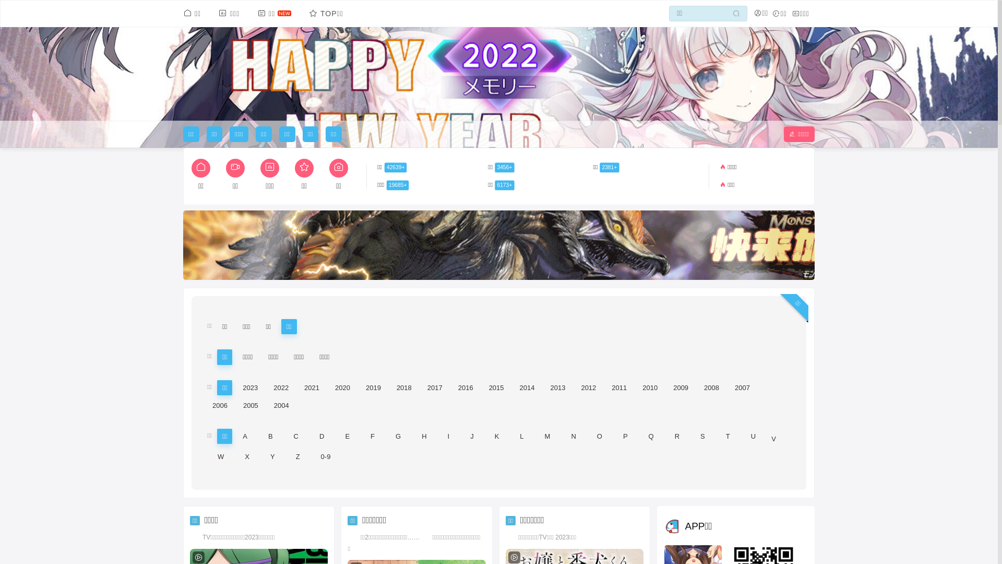  I want to click on 'D', so click(313, 436).